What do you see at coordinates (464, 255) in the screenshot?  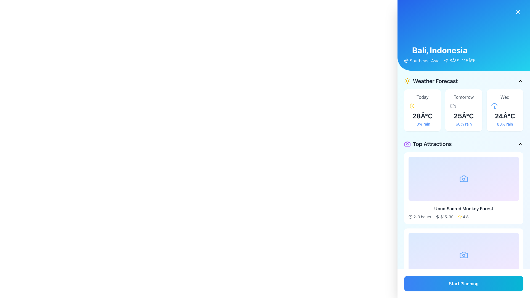 I see `the camera icon with a blue outline located in the lower section of the card under 'Top Attractions'` at bounding box center [464, 255].